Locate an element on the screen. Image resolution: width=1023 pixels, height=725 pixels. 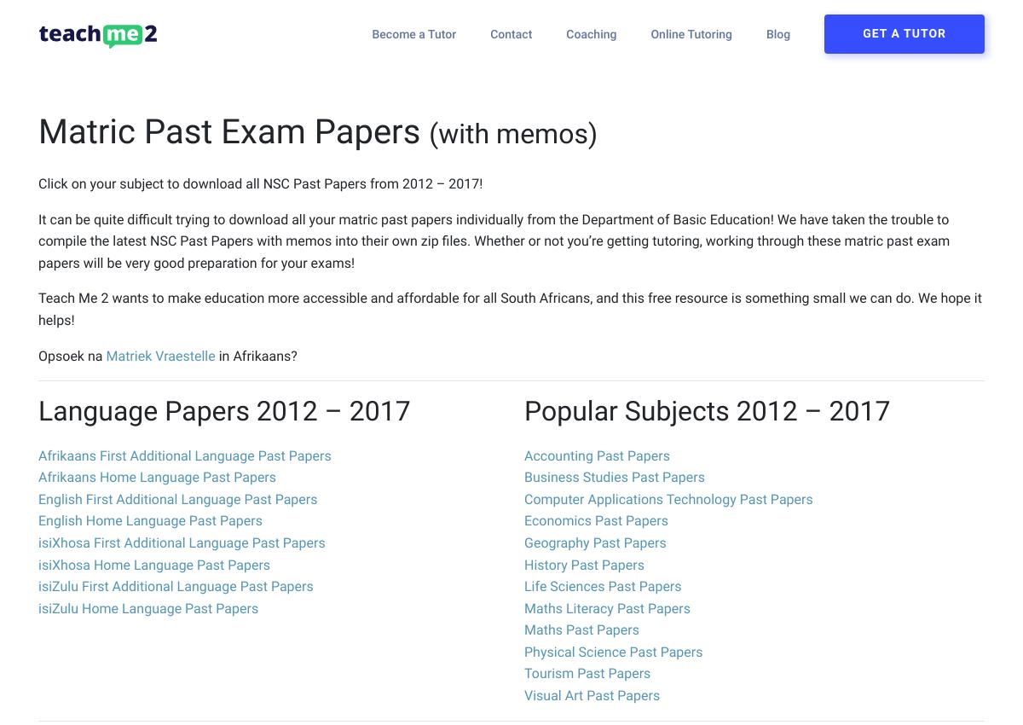
'Geography Past Papers' is located at coordinates (595, 541).